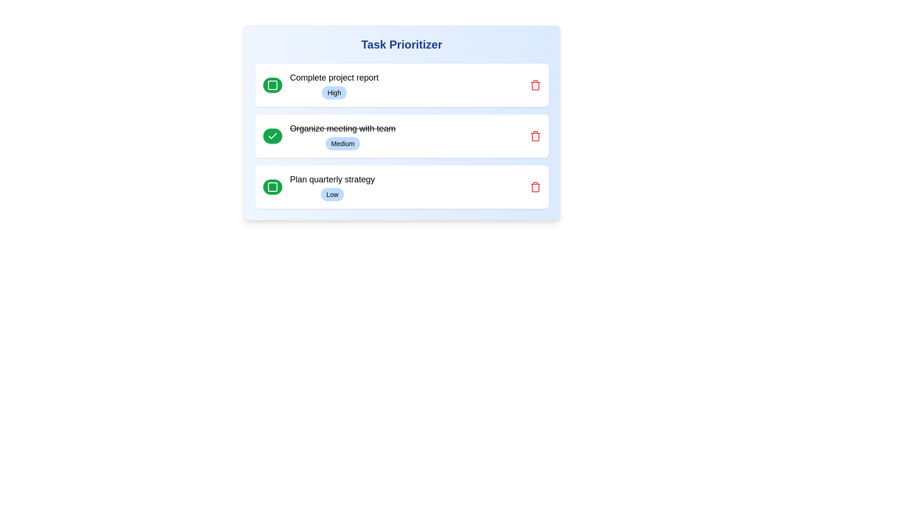  What do you see at coordinates (272, 187) in the screenshot?
I see `the green circular button with a white border and rounded corners, located to the left of the text 'Plan quarterly strategy'` at bounding box center [272, 187].